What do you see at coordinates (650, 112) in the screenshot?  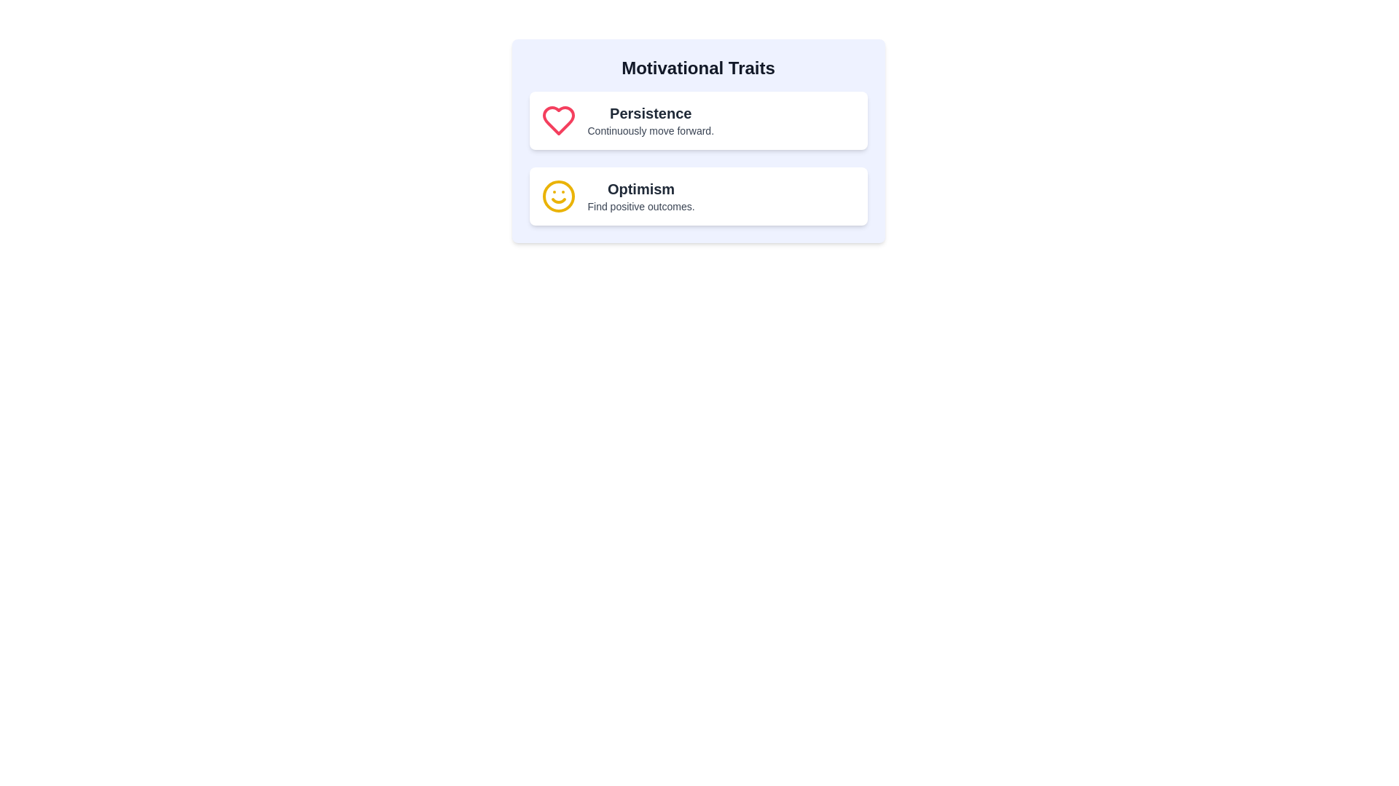 I see `text label that serves as the title or heading for the associated content, located in the top card under 'Motivational Traits'` at bounding box center [650, 112].